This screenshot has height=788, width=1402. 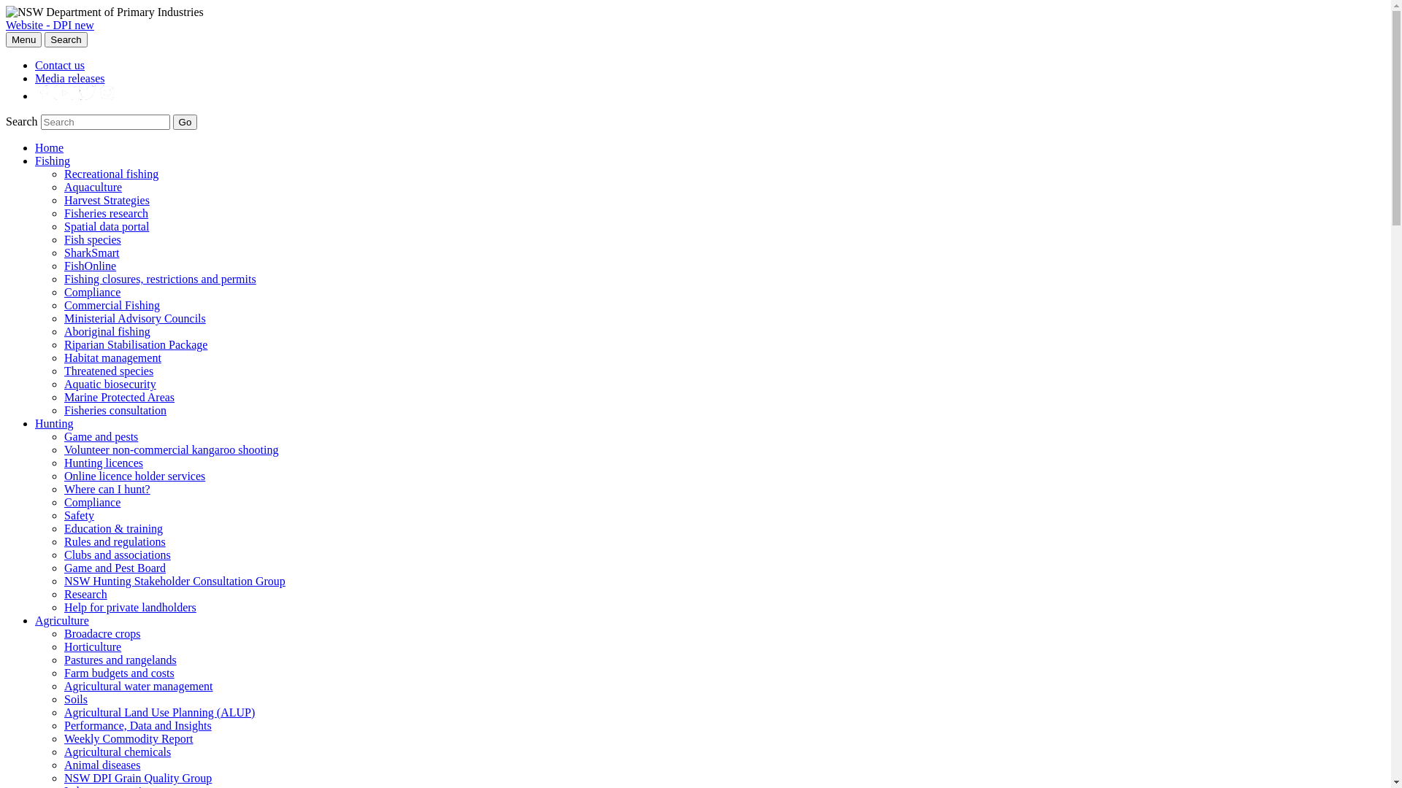 I want to click on 'Research', so click(x=85, y=594).